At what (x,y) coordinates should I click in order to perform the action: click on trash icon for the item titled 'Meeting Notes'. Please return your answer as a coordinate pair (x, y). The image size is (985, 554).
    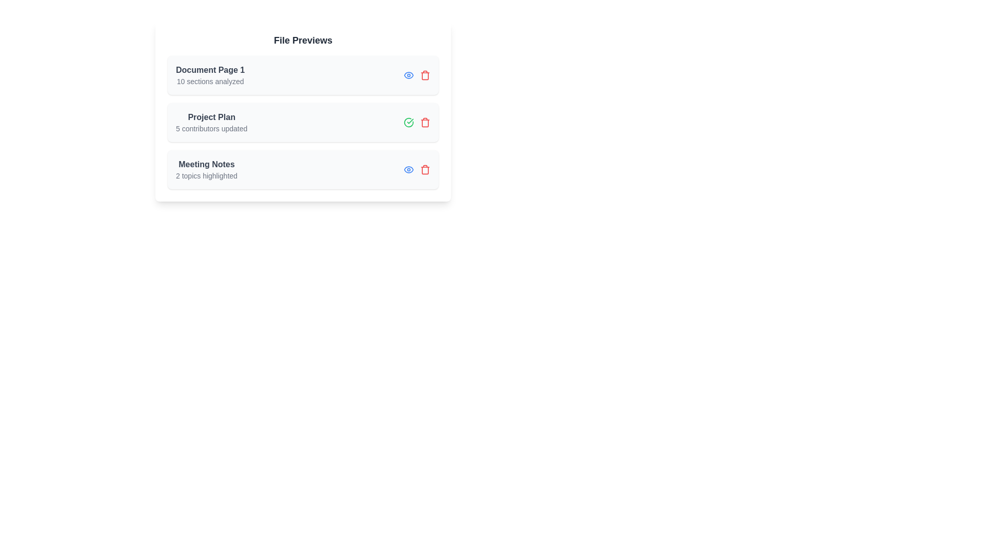
    Looking at the image, I should click on (425, 169).